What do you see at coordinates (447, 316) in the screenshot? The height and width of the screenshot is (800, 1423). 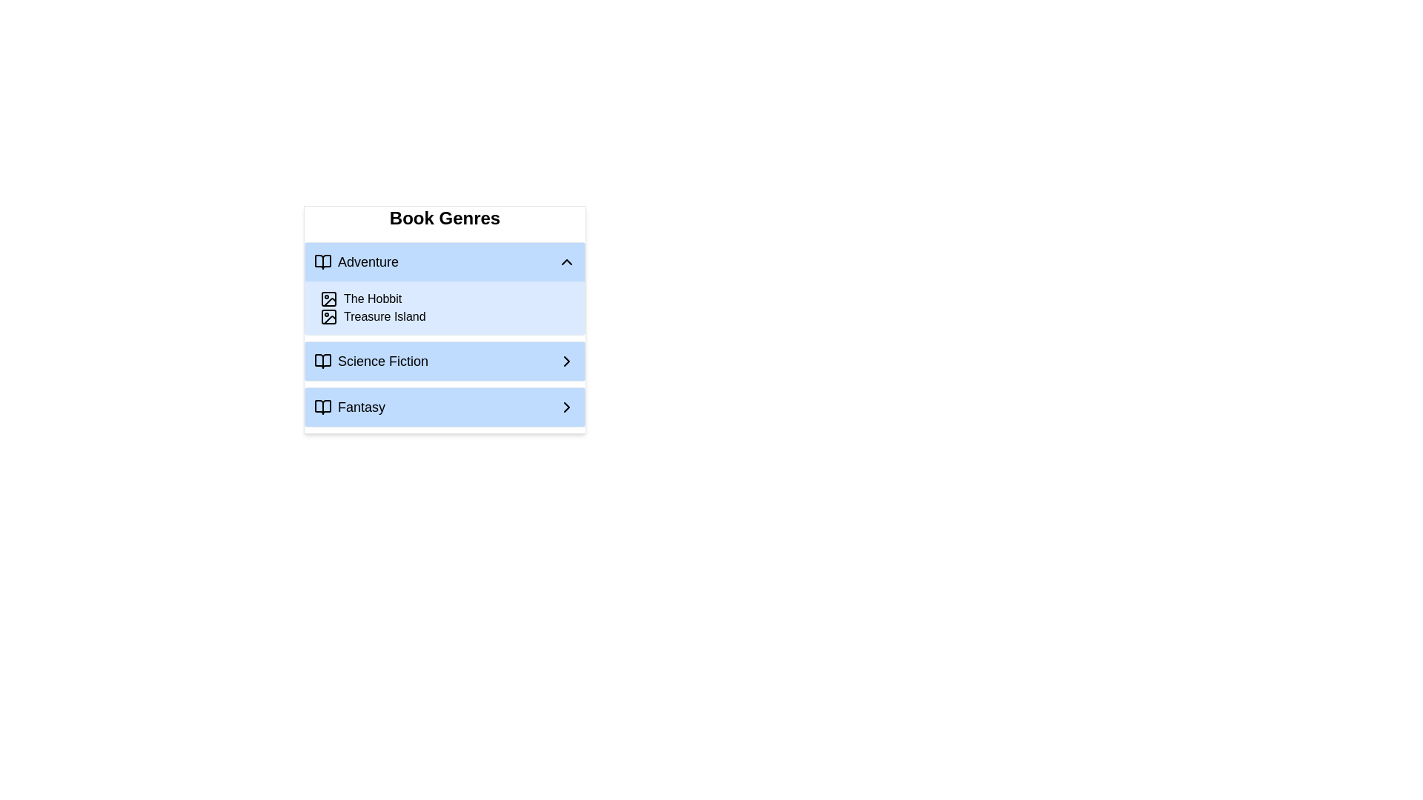 I see `the List item labeled 'Treasure Island' from the 'Adventure' category in the 'Book Genres' list` at bounding box center [447, 316].